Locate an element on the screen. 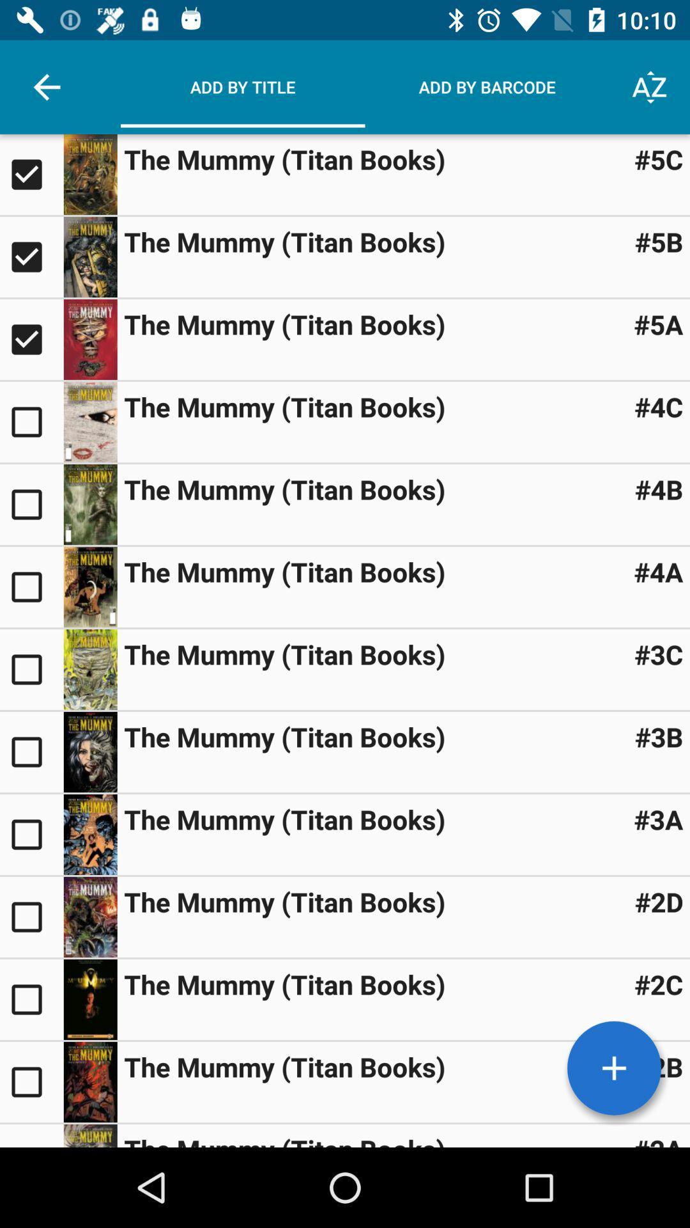  the add icon is located at coordinates (613, 1068).